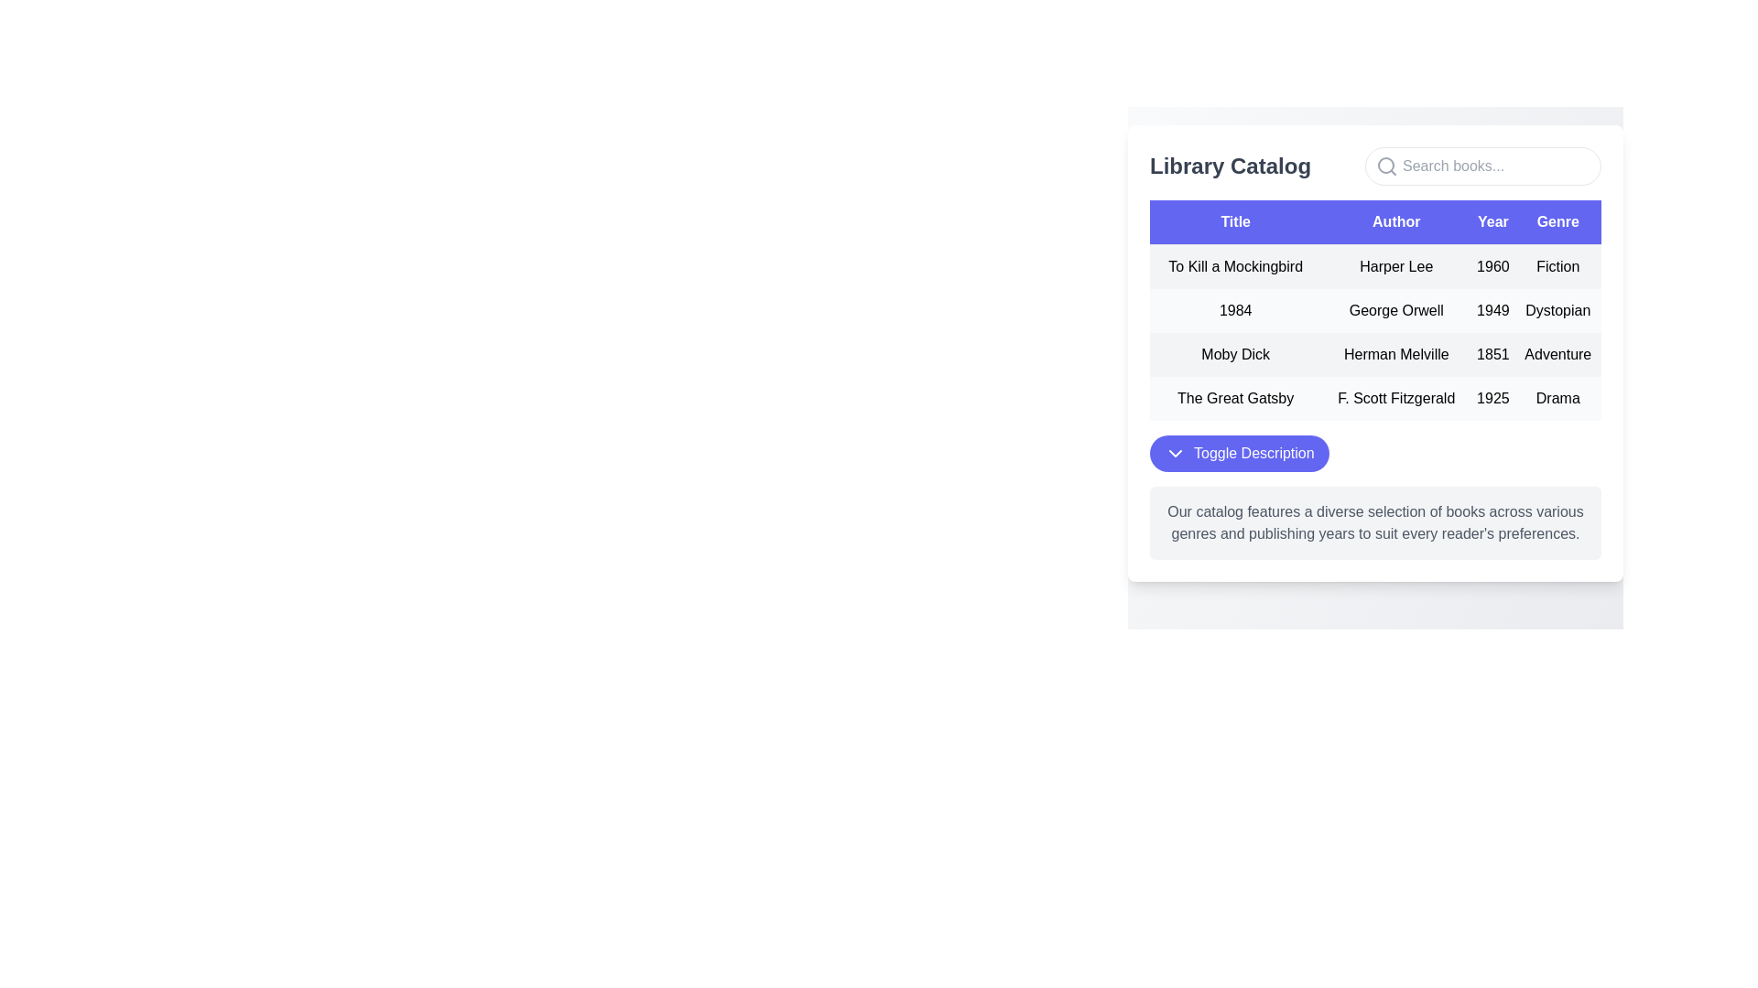 The image size is (1758, 988). I want to click on the small downward-pointing chevron arrow icon located to the left of the 'Toggle Description' text within the blue button at the bottom of the 'Library Catalog' panel, so click(1175, 453).